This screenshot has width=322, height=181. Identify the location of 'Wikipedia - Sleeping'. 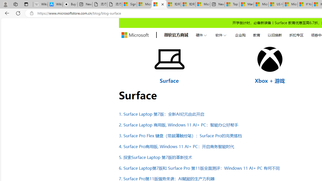
(40, 4).